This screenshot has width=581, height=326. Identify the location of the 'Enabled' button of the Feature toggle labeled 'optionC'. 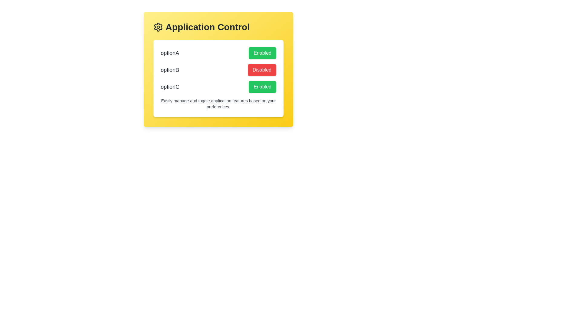
(218, 87).